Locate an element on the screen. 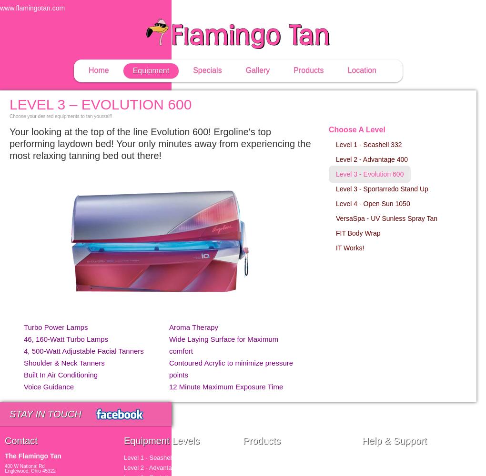 This screenshot has width=486, height=476. 'Home' is located at coordinates (98, 70).